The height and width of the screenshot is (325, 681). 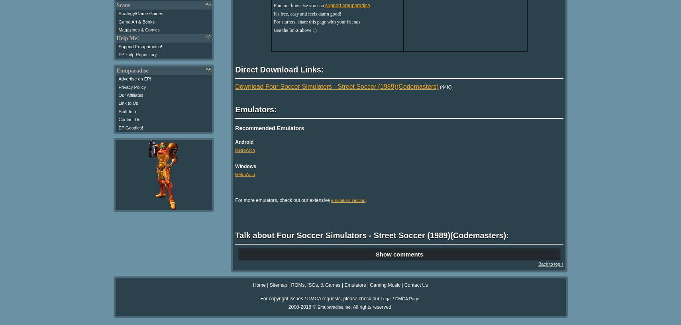 What do you see at coordinates (234, 128) in the screenshot?
I see `'Recommended Emulators'` at bounding box center [234, 128].